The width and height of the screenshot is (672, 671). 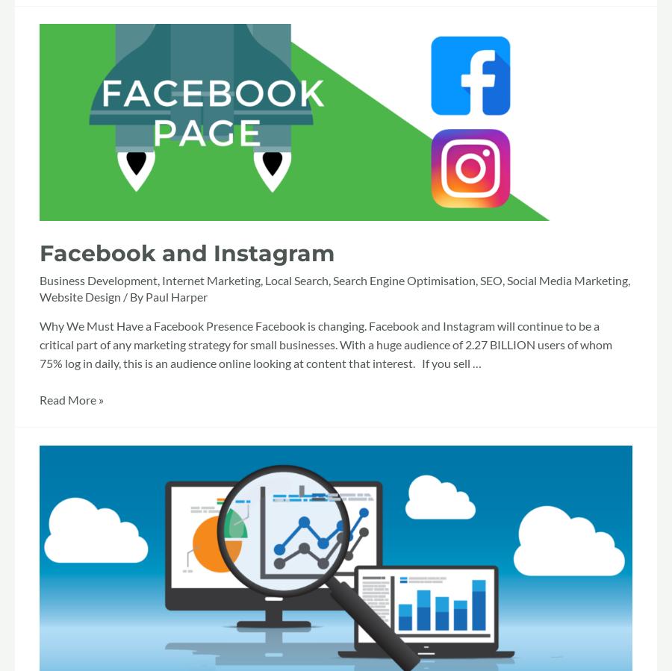 What do you see at coordinates (505, 278) in the screenshot?
I see `'Social Media Marketing'` at bounding box center [505, 278].